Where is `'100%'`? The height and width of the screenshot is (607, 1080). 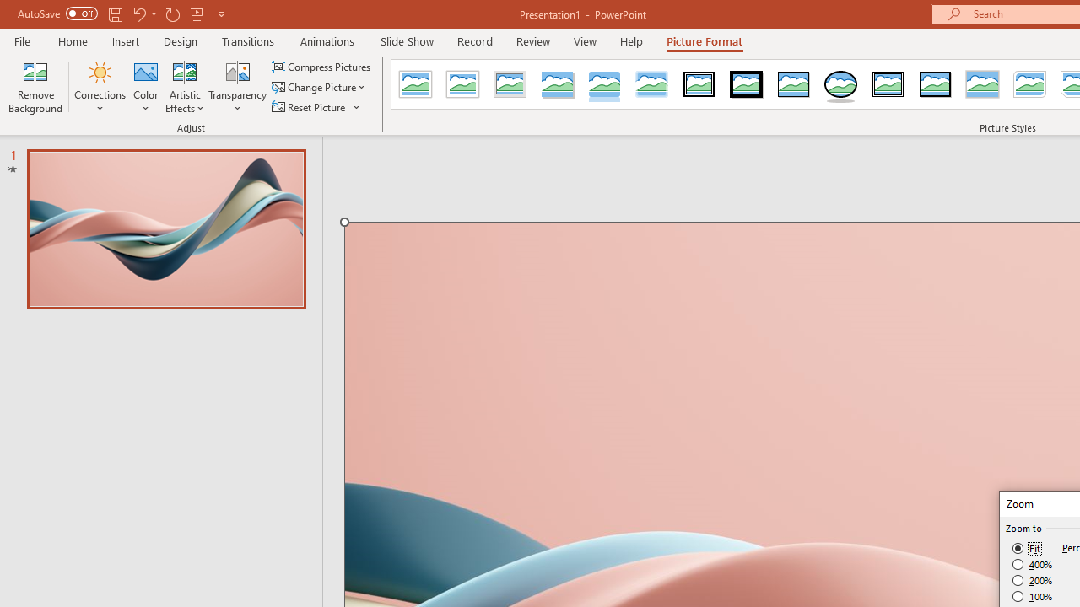 '100%' is located at coordinates (1032, 595).